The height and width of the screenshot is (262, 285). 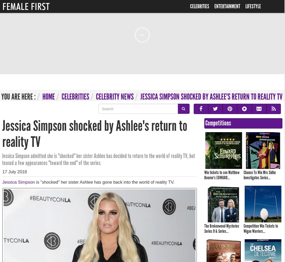 What do you see at coordinates (14, 171) in the screenshot?
I see `'17 July 2018'` at bounding box center [14, 171].